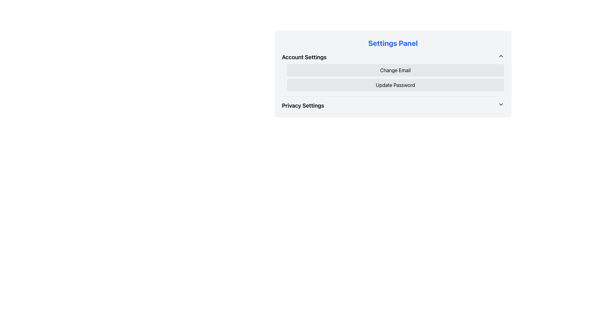  What do you see at coordinates (395, 70) in the screenshot?
I see `the 'Change Email' button located under the 'Account Settings' header in the 'Settings Panel'` at bounding box center [395, 70].